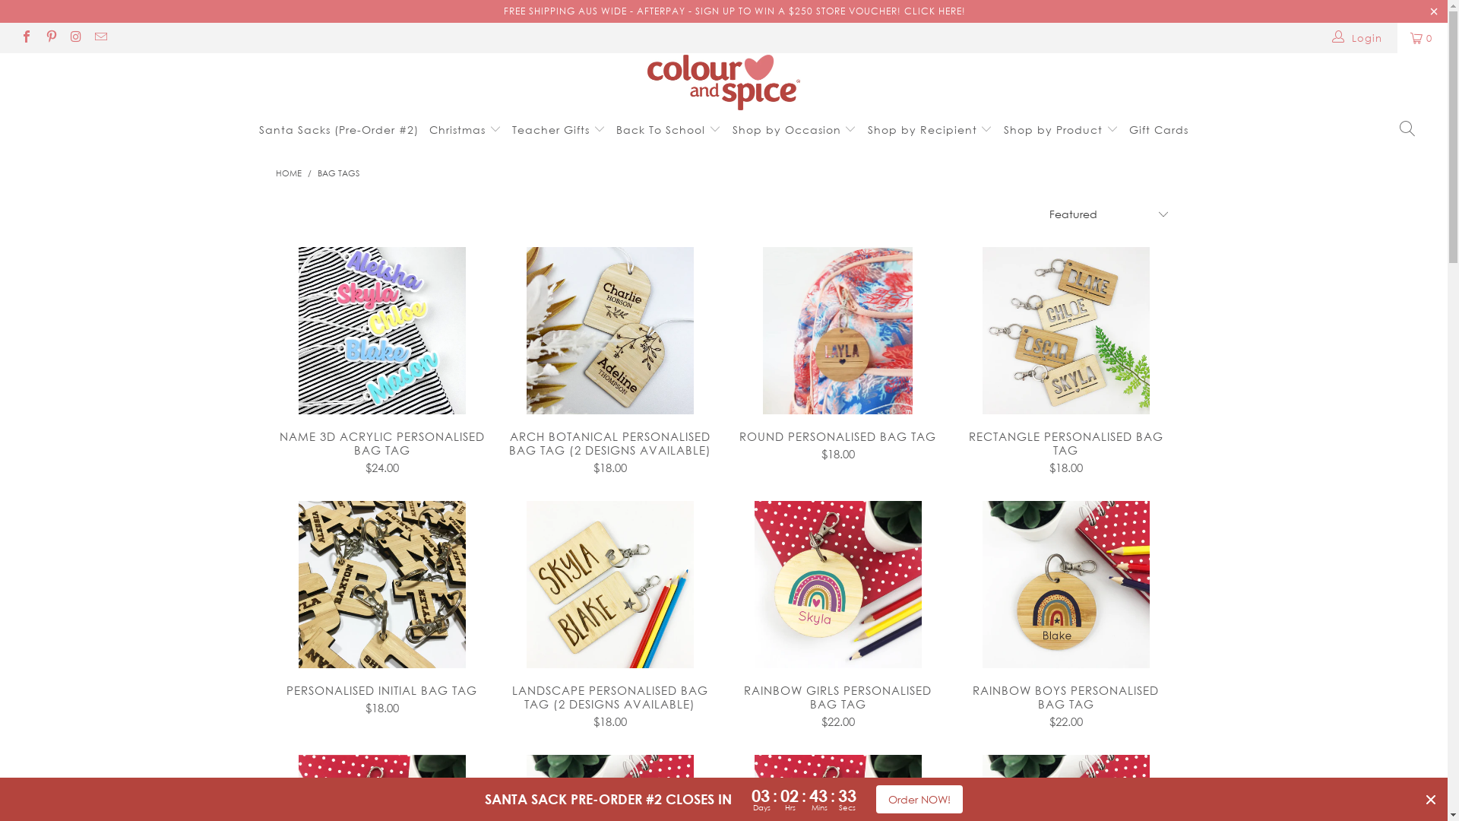 This screenshot has width=1459, height=821. Describe the element at coordinates (1407, 128) in the screenshot. I see `'Search'` at that location.